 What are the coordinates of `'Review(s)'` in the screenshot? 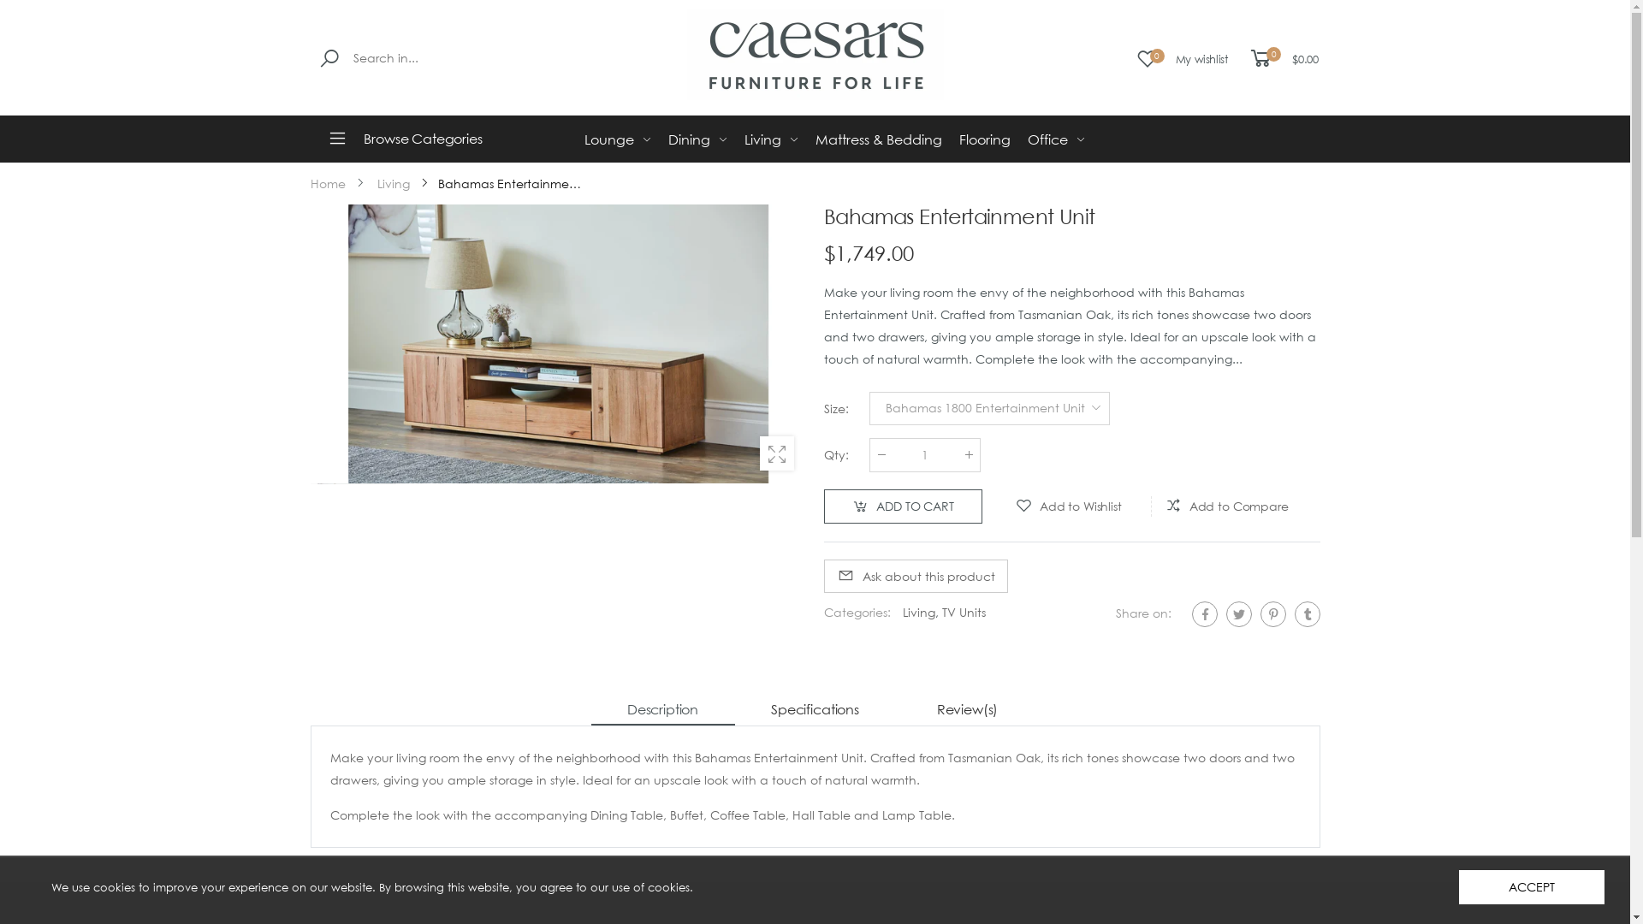 It's located at (966, 710).